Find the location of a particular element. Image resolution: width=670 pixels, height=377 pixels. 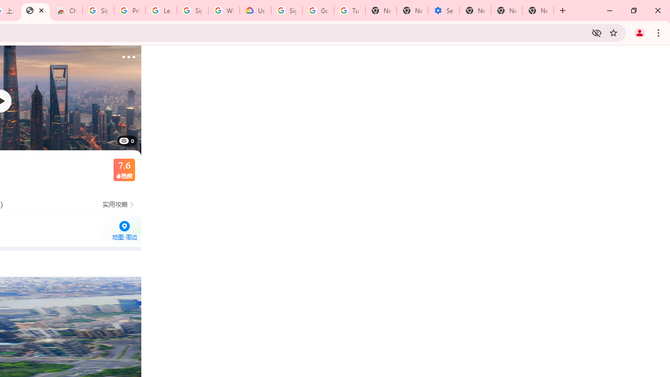

'Minimize' is located at coordinates (610, 10).